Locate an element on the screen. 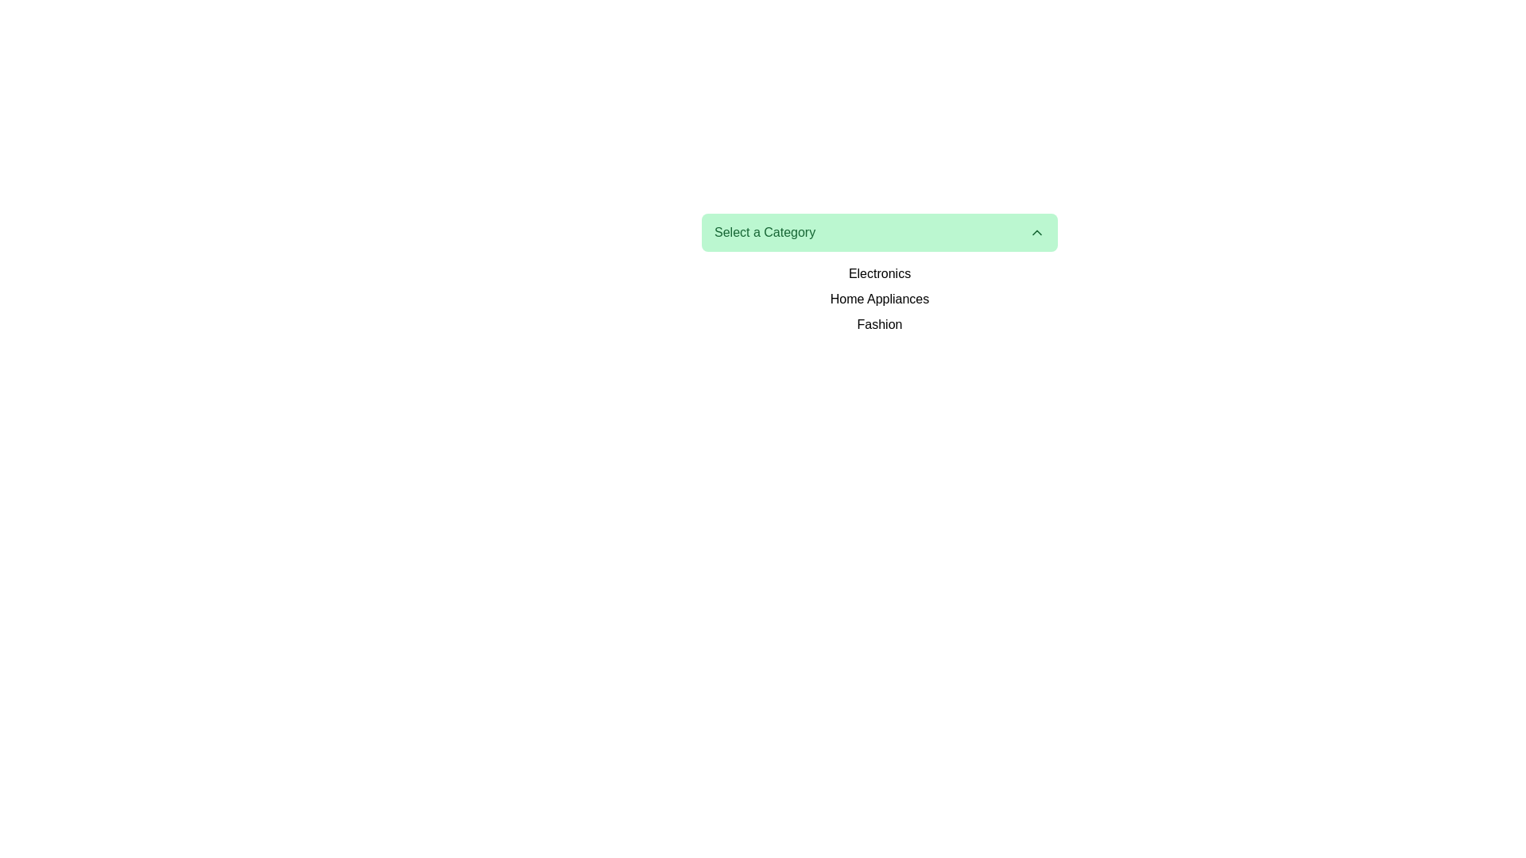  the first text-based list item displaying 'Electronics' under the green header 'Select a Category' is located at coordinates (879, 272).